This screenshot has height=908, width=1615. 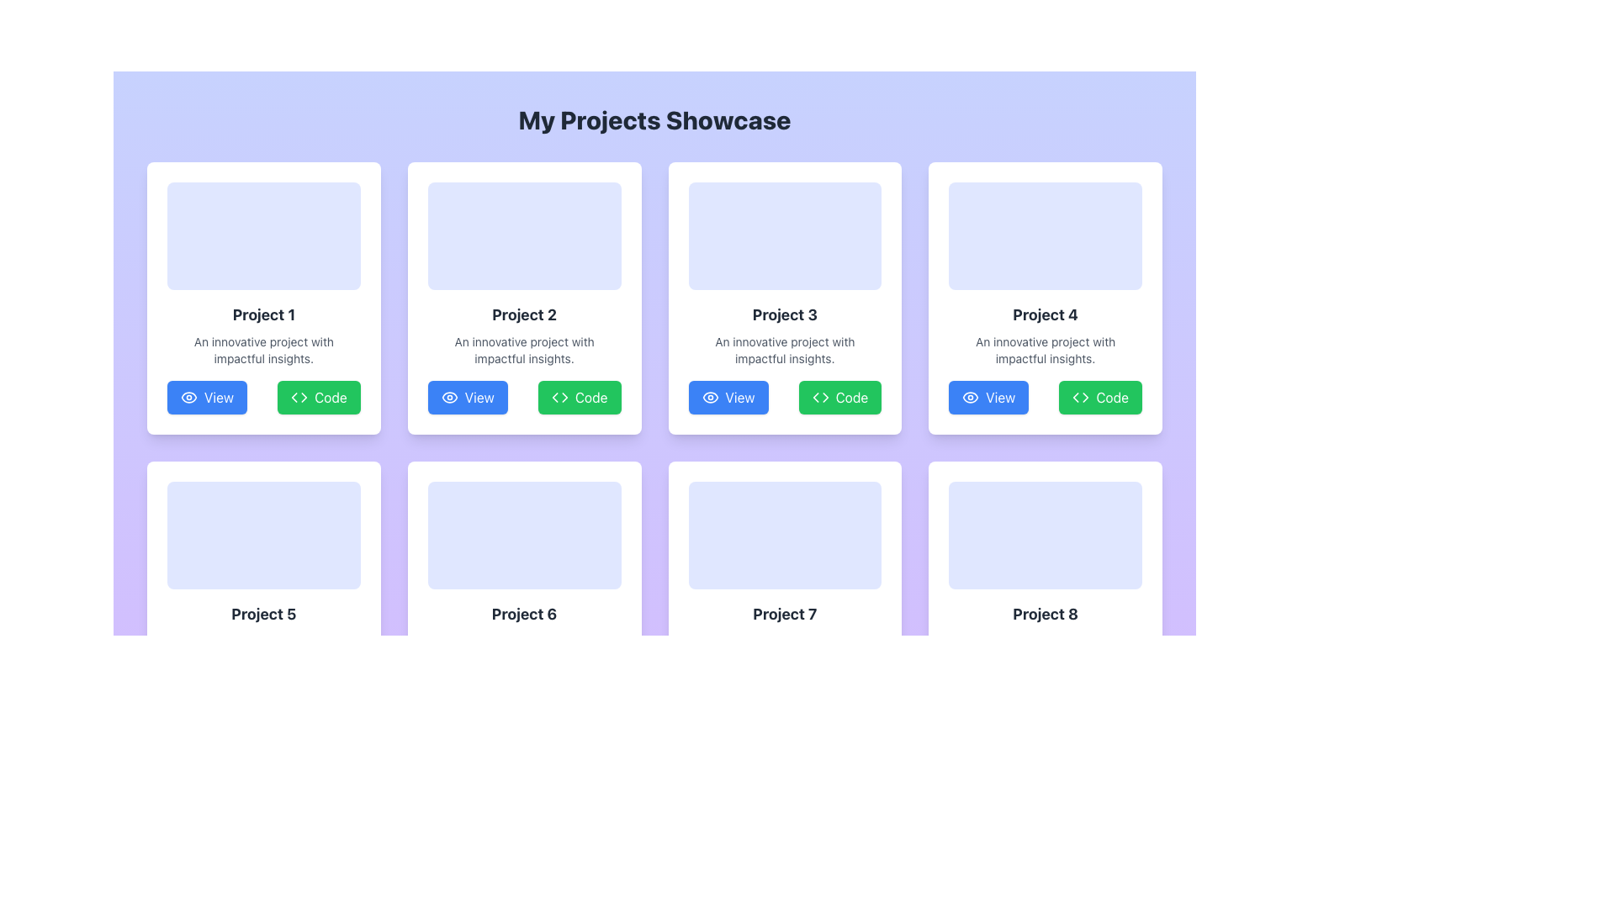 I want to click on the eye icon within the 'View' button located in the first project card at the top left of the grid, so click(x=189, y=398).